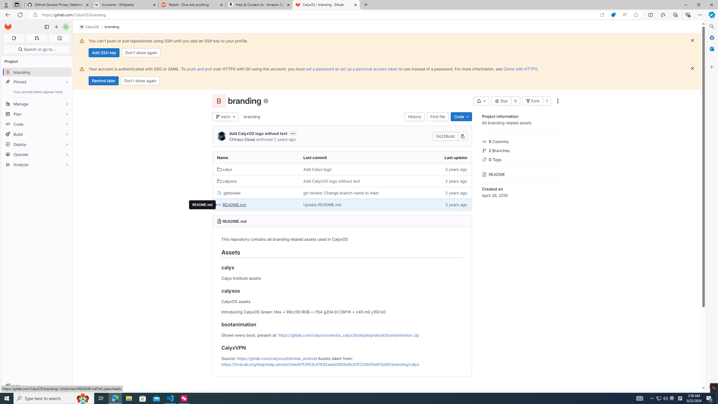  Describe the element at coordinates (92, 27) in the screenshot. I see `'CalyxOS/'` at that location.